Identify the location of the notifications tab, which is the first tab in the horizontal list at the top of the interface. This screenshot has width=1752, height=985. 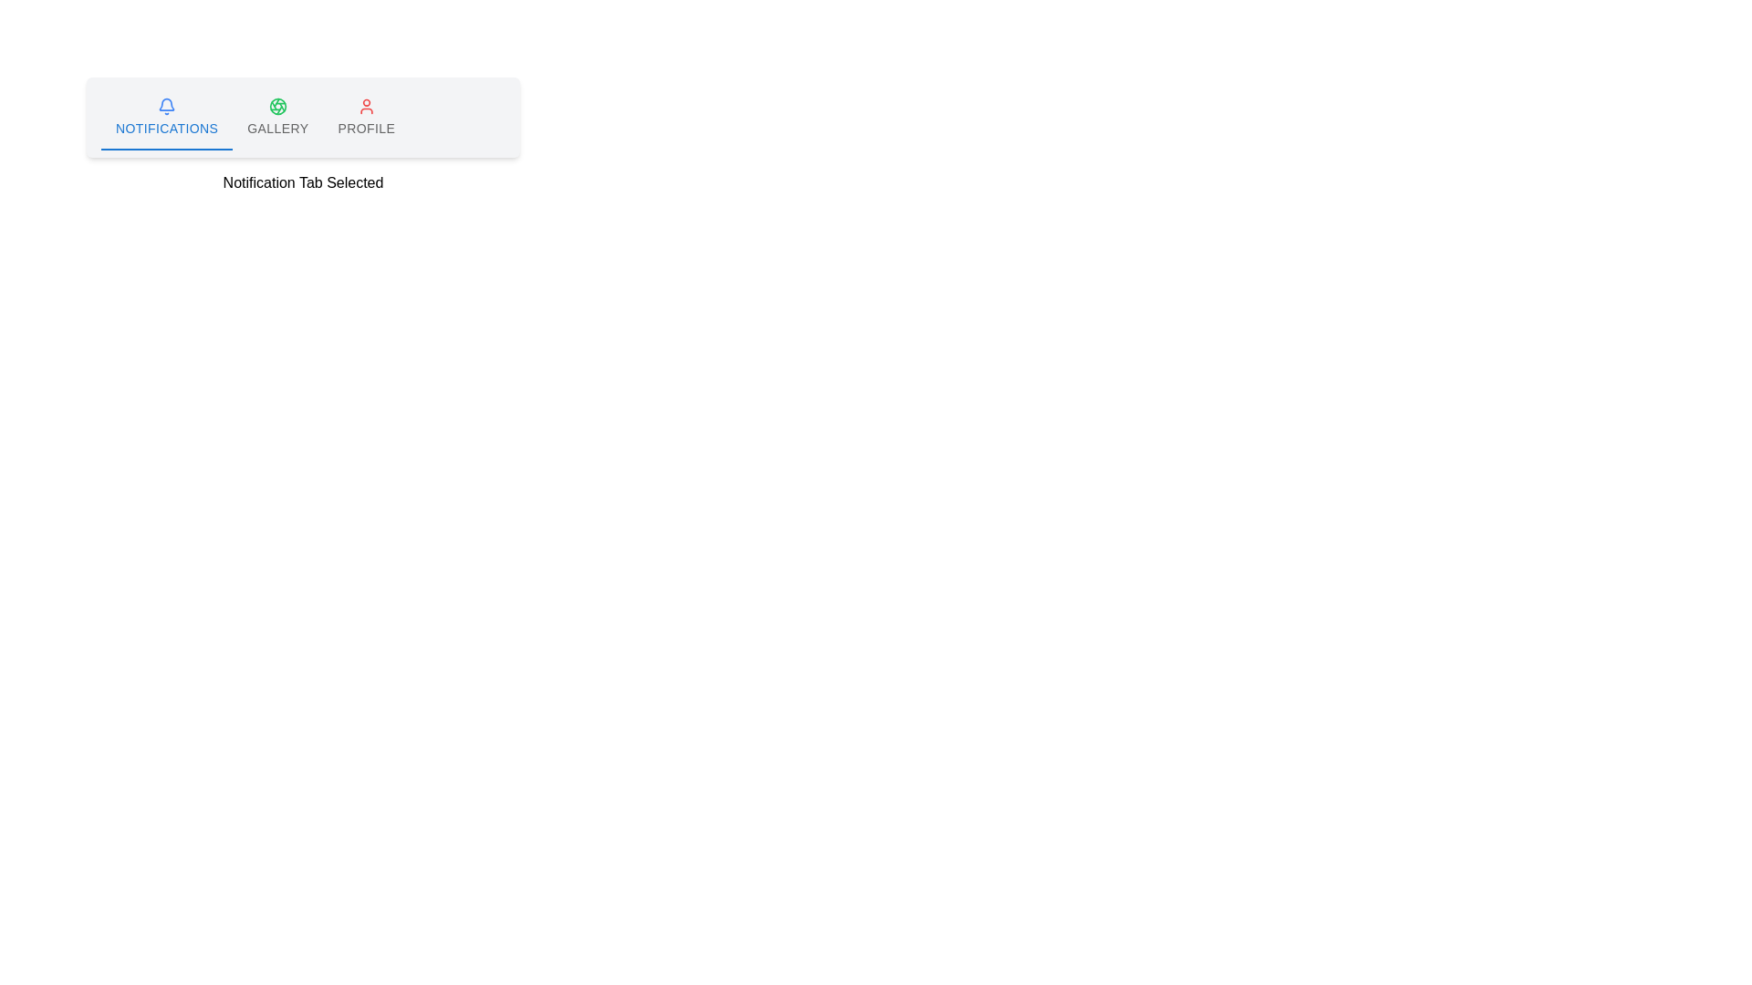
(167, 117).